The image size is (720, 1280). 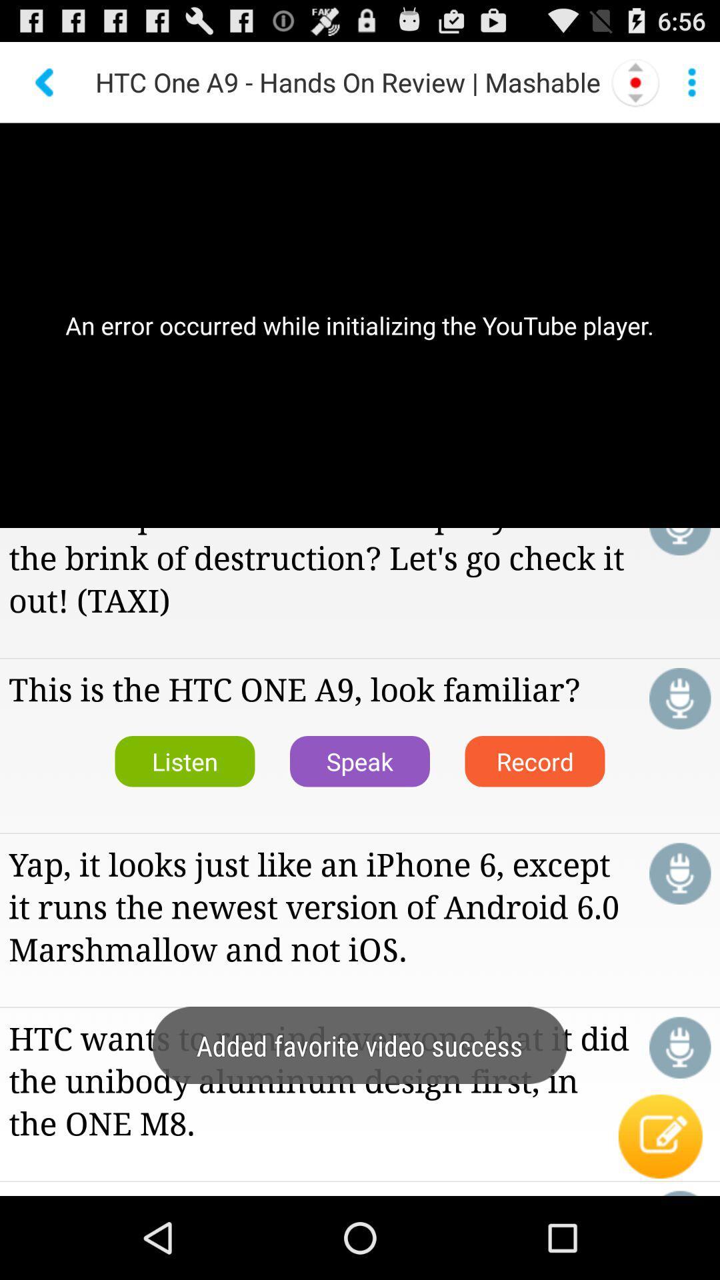 What do you see at coordinates (680, 873) in the screenshot?
I see `record button` at bounding box center [680, 873].